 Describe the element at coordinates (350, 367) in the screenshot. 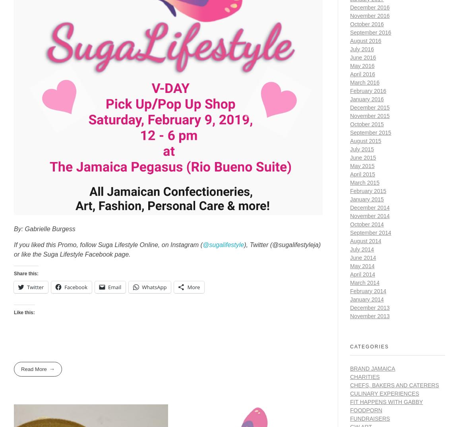

I see `'Brand Jamaica'` at that location.